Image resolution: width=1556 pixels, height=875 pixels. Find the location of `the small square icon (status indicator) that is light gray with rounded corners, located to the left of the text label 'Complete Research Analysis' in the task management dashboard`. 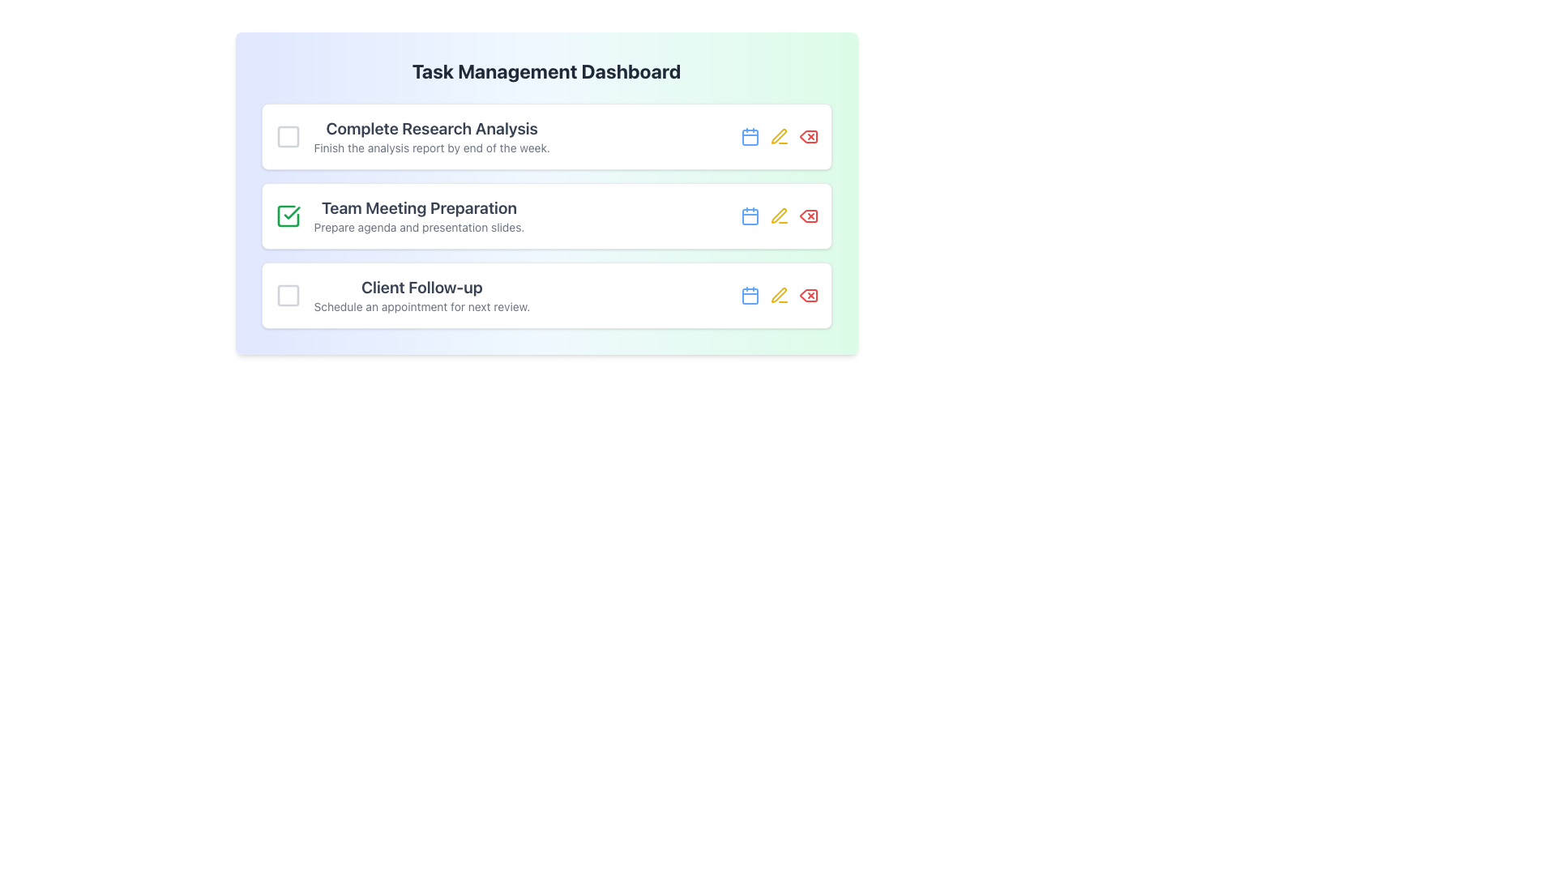

the small square icon (status indicator) that is light gray with rounded corners, located to the left of the text label 'Complete Research Analysis' in the task management dashboard is located at coordinates (288, 136).